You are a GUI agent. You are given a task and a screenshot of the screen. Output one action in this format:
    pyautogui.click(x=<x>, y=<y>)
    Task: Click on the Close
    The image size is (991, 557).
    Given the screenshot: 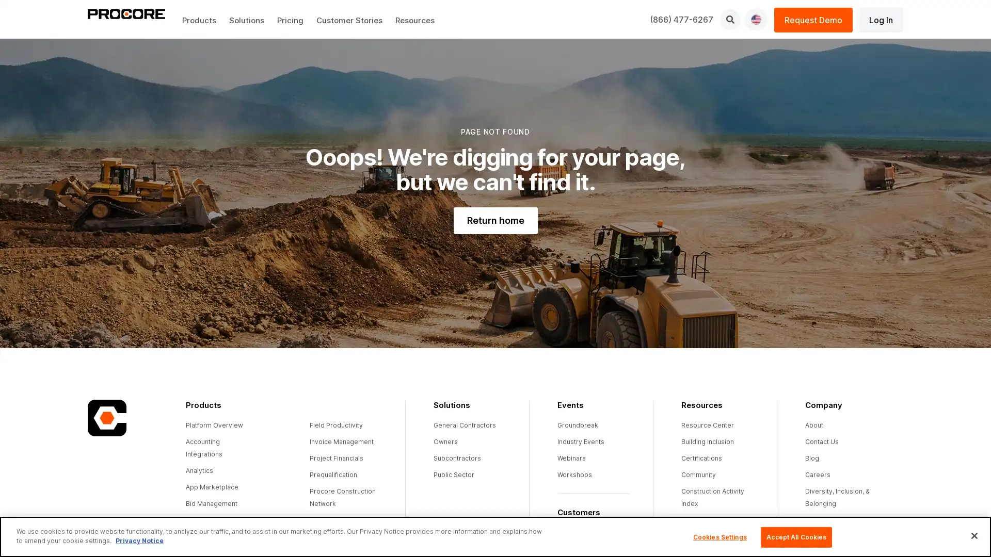 What is the action you would take?
    pyautogui.click(x=973, y=535)
    